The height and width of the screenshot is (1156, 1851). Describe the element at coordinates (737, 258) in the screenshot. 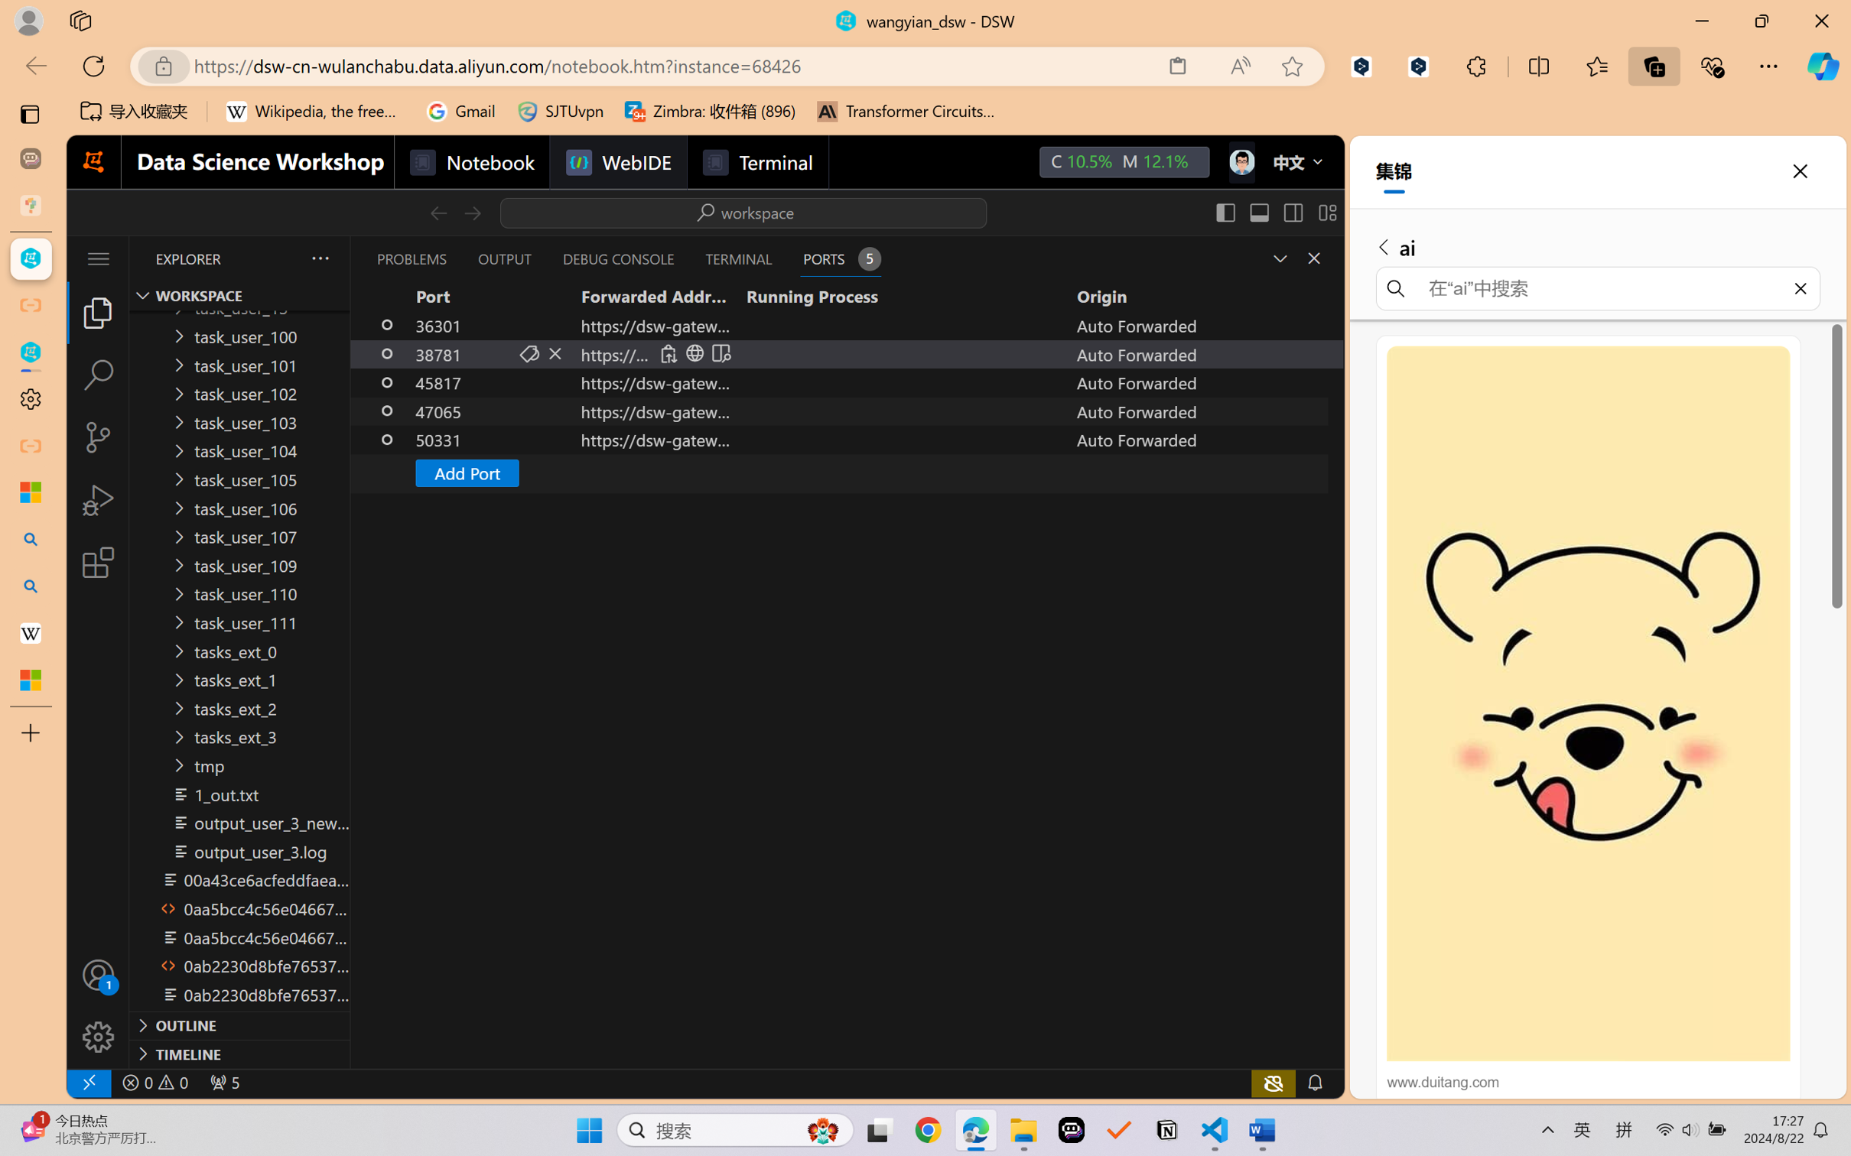

I see `'Terminal (Ctrl+`)'` at that location.